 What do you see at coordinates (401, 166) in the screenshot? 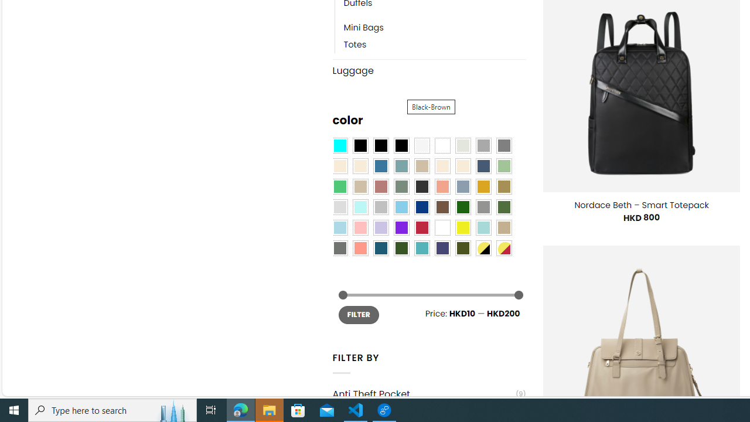
I see `'Blue Sage'` at bounding box center [401, 166].